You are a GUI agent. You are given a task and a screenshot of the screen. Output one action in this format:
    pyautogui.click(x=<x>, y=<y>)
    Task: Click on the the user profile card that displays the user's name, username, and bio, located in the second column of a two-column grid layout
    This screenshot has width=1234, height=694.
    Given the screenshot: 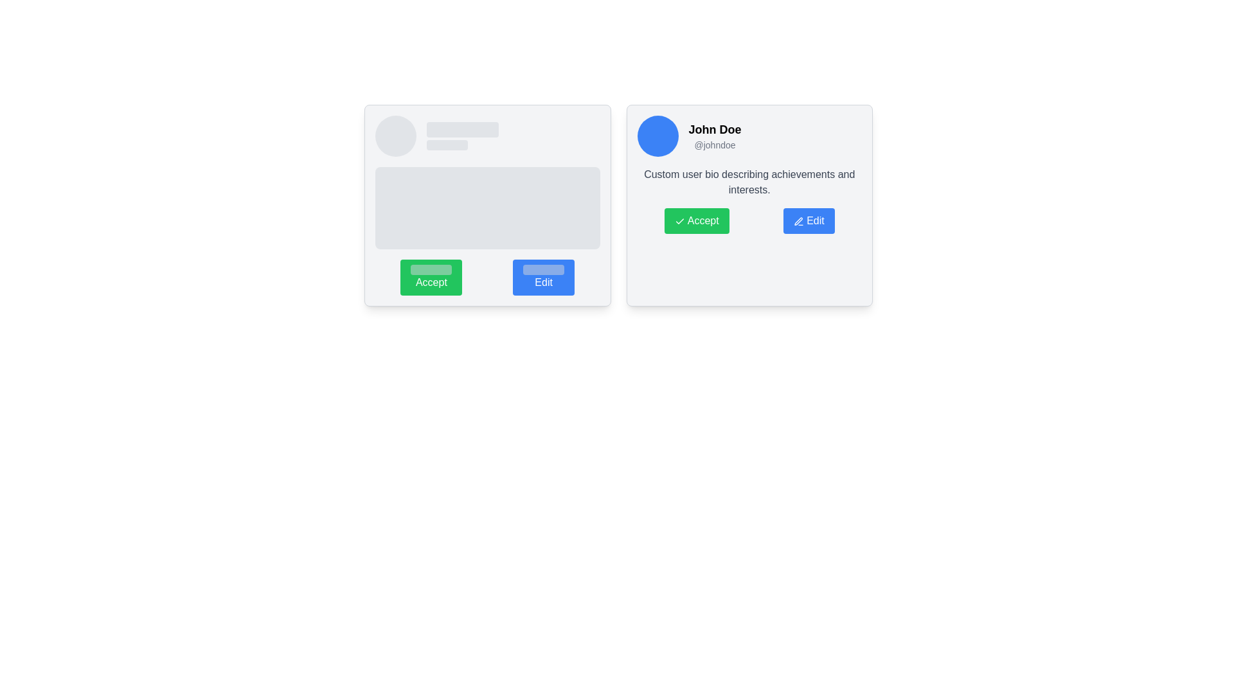 What is the action you would take?
    pyautogui.click(x=749, y=205)
    